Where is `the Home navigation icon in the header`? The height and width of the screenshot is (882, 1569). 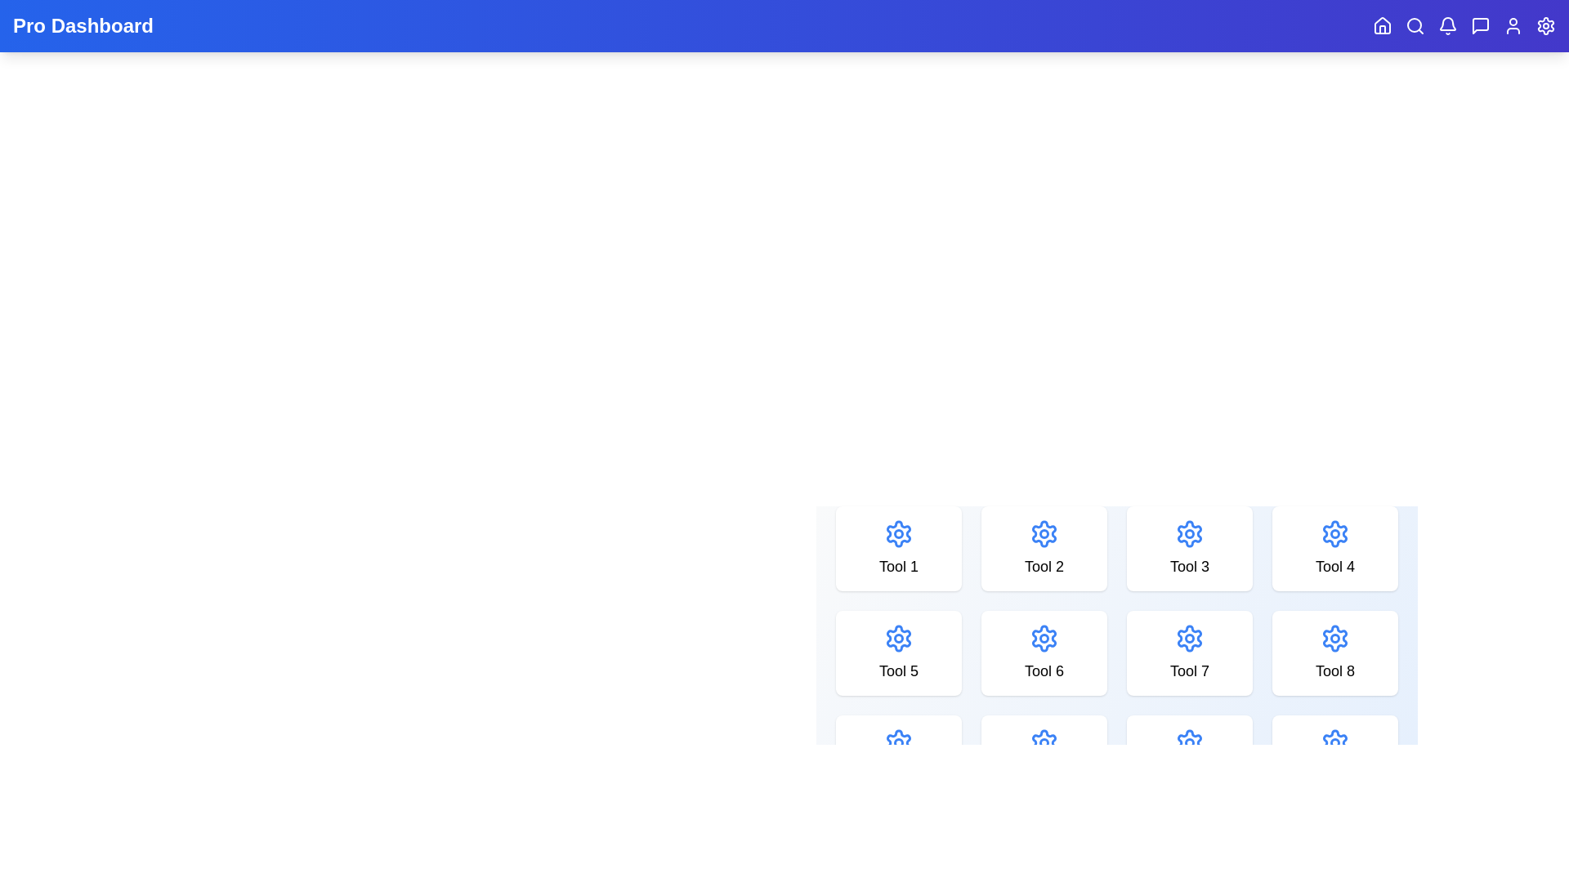 the Home navigation icon in the header is located at coordinates (1381, 25).